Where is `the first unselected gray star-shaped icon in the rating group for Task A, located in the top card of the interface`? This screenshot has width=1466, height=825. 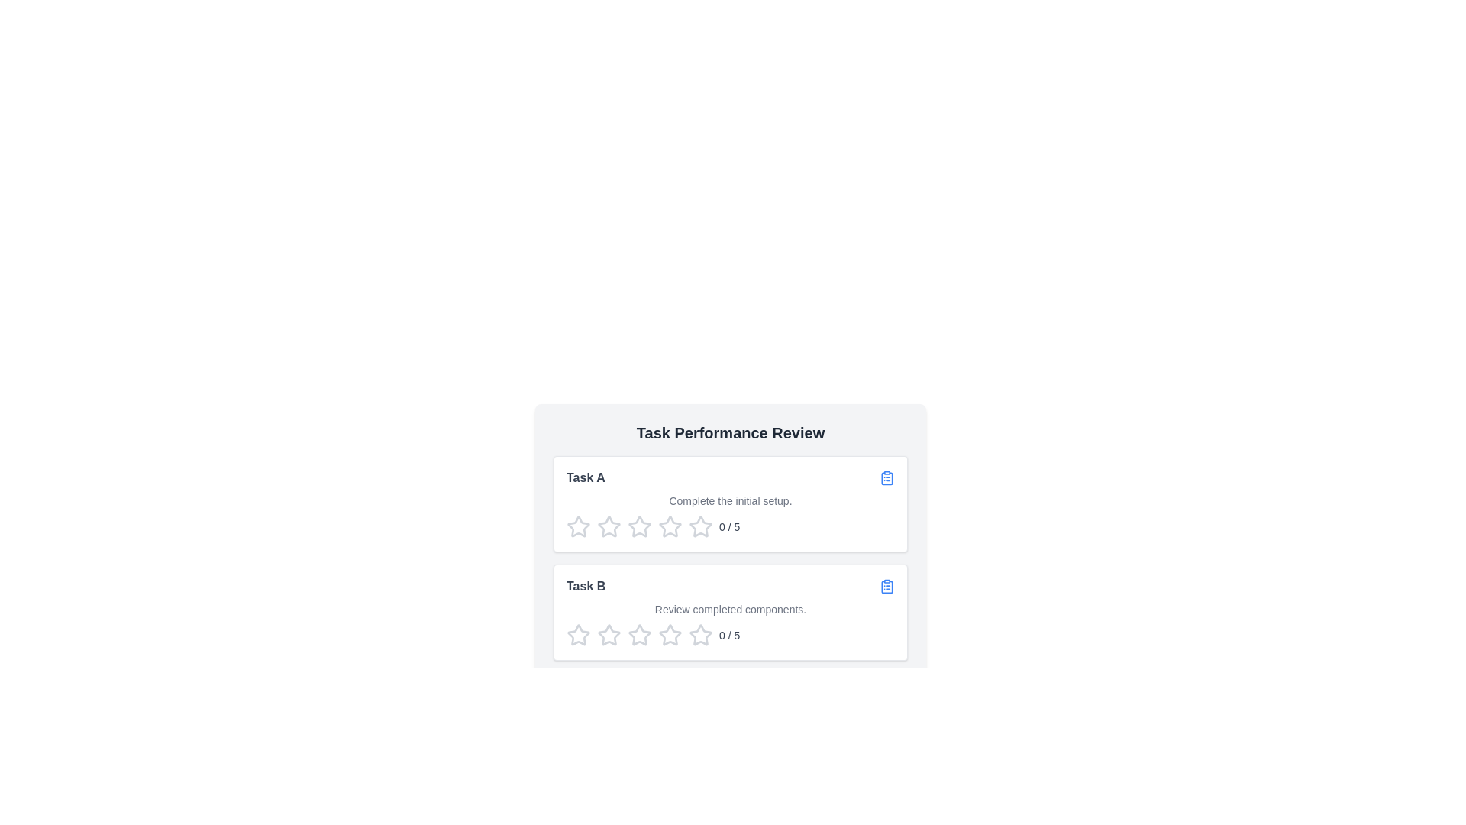
the first unselected gray star-shaped icon in the rating group for Task A, located in the top card of the interface is located at coordinates (578, 526).